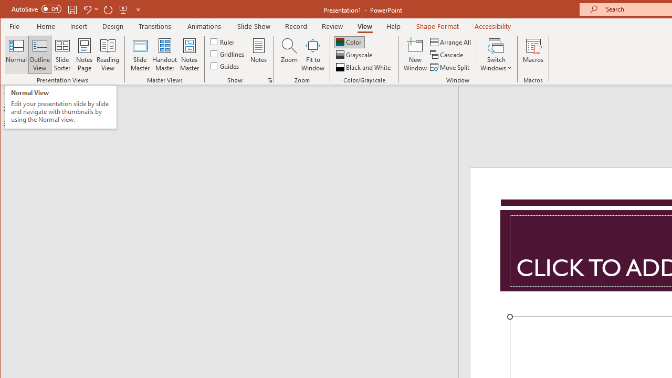 This screenshot has height=378, width=672. Describe the element at coordinates (451, 41) in the screenshot. I see `'Arrange All'` at that location.